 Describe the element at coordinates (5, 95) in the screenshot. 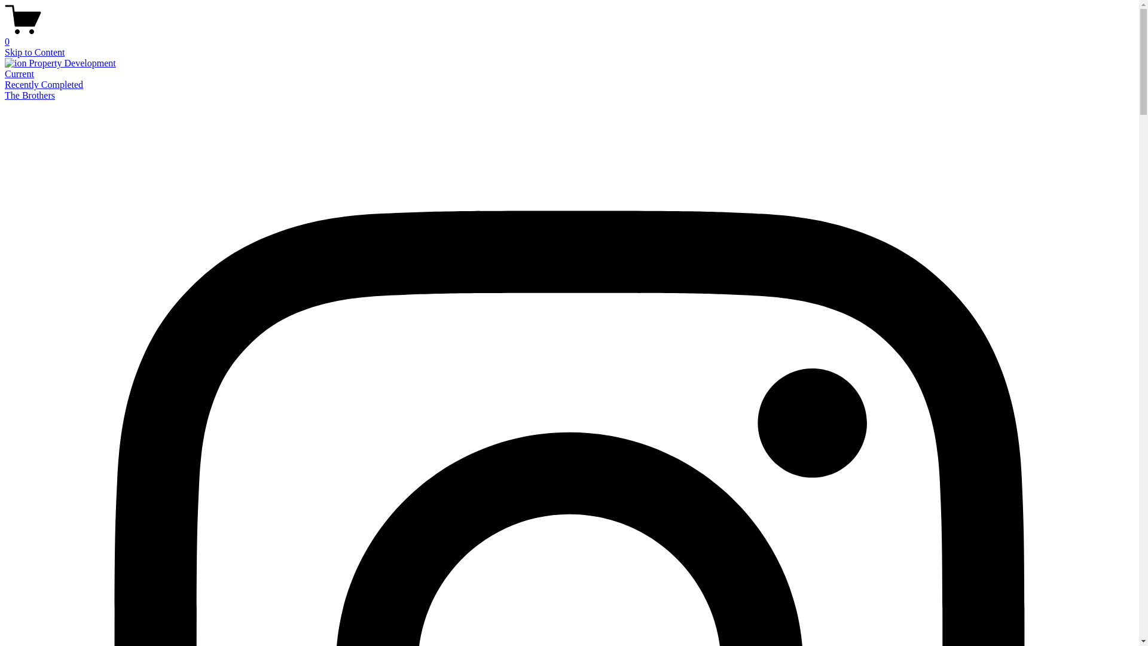

I see `'The Brothers'` at that location.